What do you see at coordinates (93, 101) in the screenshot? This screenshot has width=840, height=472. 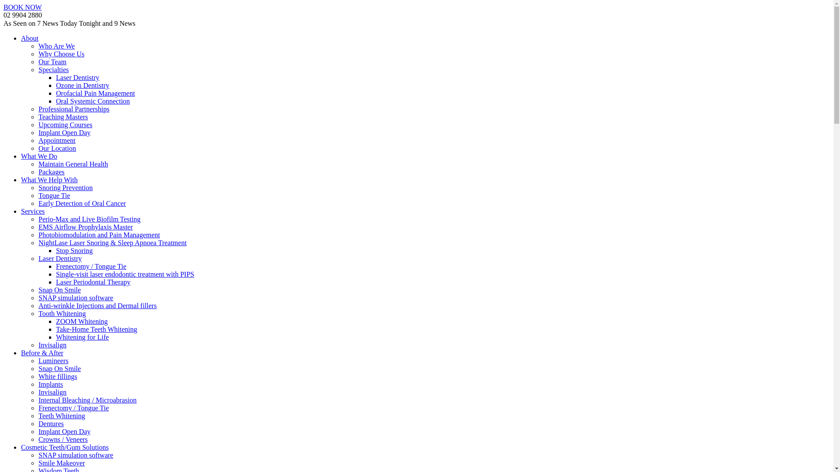 I see `'Oral Systemic Connection'` at bounding box center [93, 101].